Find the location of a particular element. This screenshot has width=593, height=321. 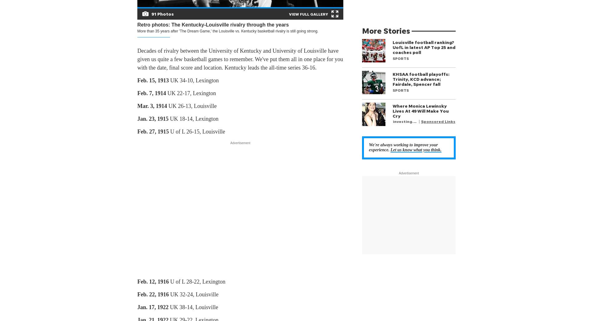

'Jan. 23, 1915' is located at coordinates (153, 119).